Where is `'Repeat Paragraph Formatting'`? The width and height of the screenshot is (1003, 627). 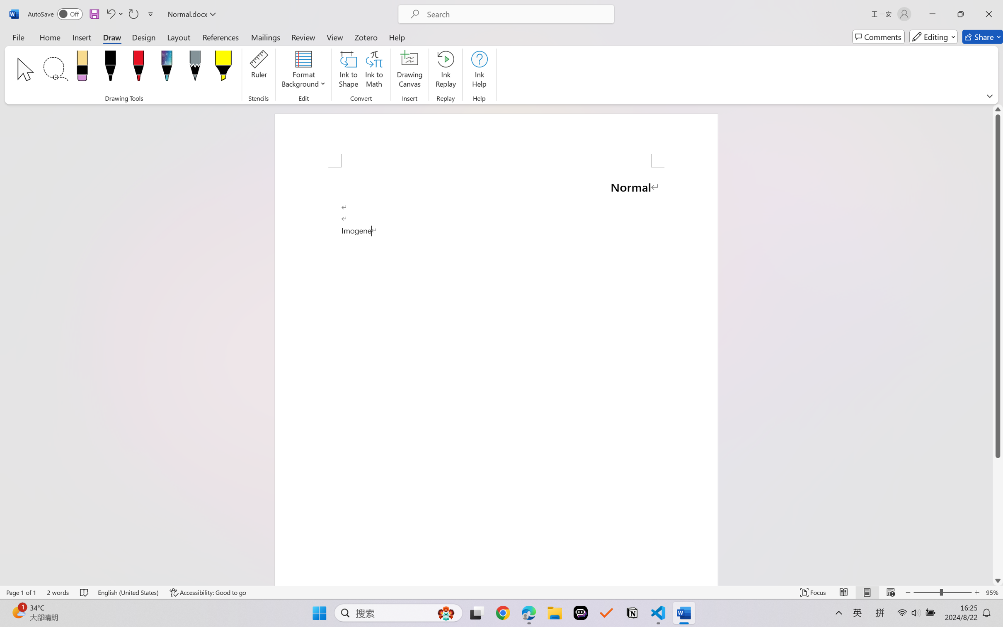
'Repeat Paragraph Formatting' is located at coordinates (133, 14).